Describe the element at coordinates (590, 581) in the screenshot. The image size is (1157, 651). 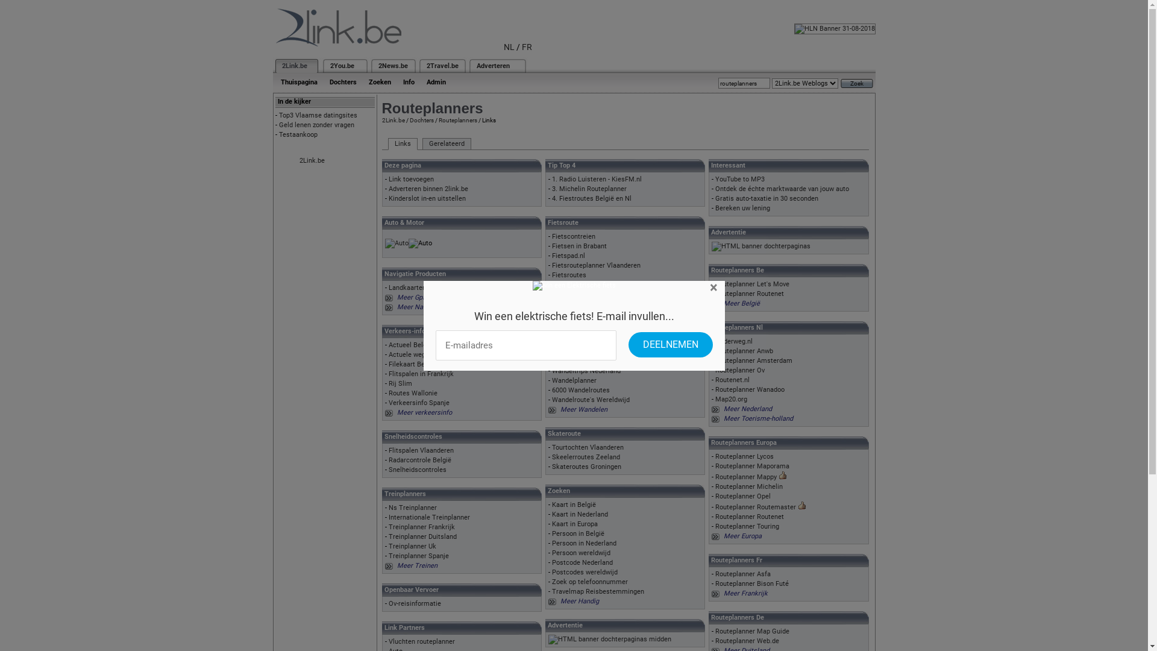
I see `'Zoek op telefoonnummer'` at that location.